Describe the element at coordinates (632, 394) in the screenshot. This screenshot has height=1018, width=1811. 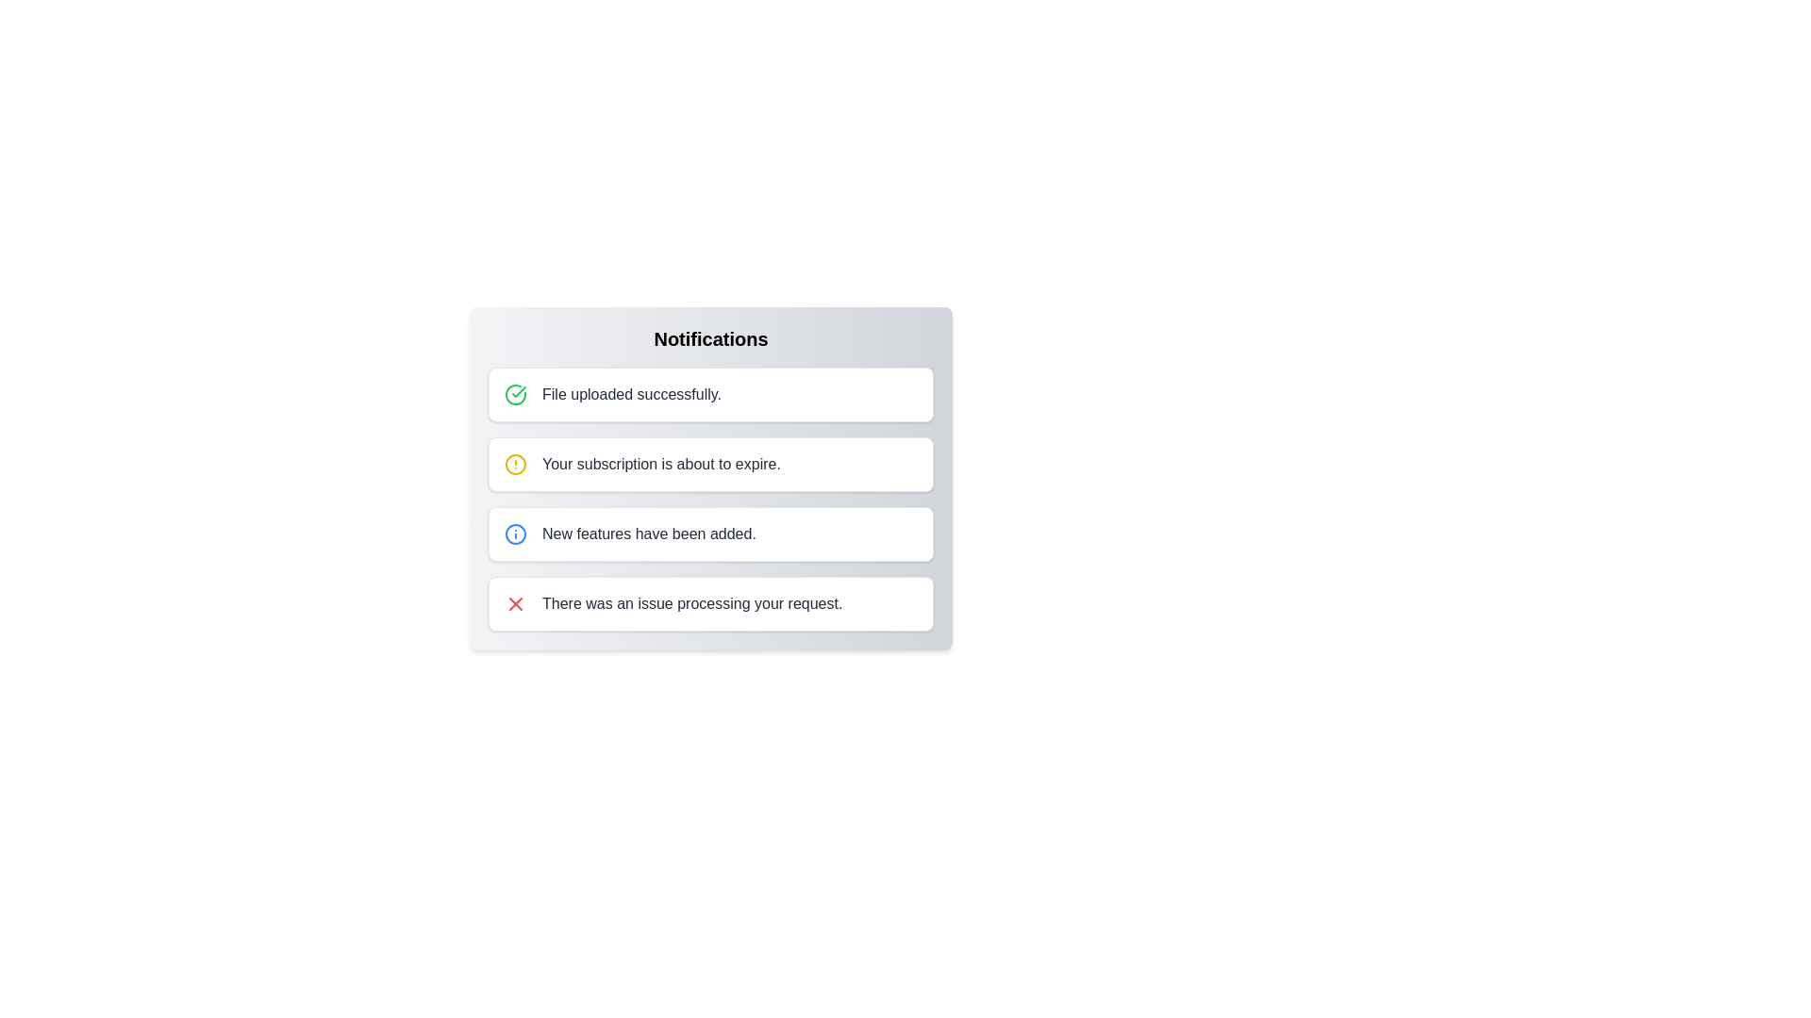
I see `the text label that displays 'File uploaded successfully.' in a medium-weight gray font, located in the topmost notification card` at that location.